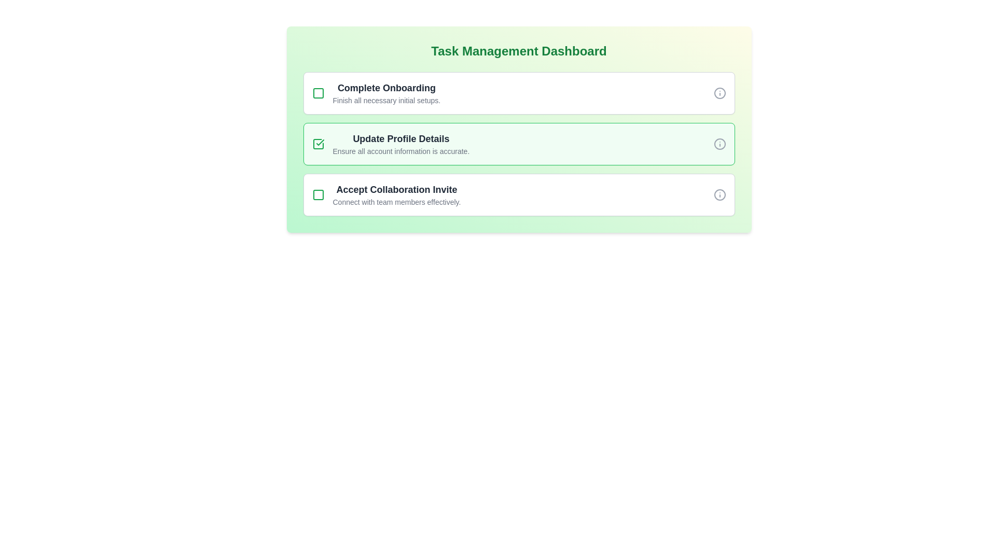 Image resolution: width=996 pixels, height=560 pixels. I want to click on details of the task titled 'Complete Onboarding', which is the first item in a vertical list of tasks, so click(519, 93).